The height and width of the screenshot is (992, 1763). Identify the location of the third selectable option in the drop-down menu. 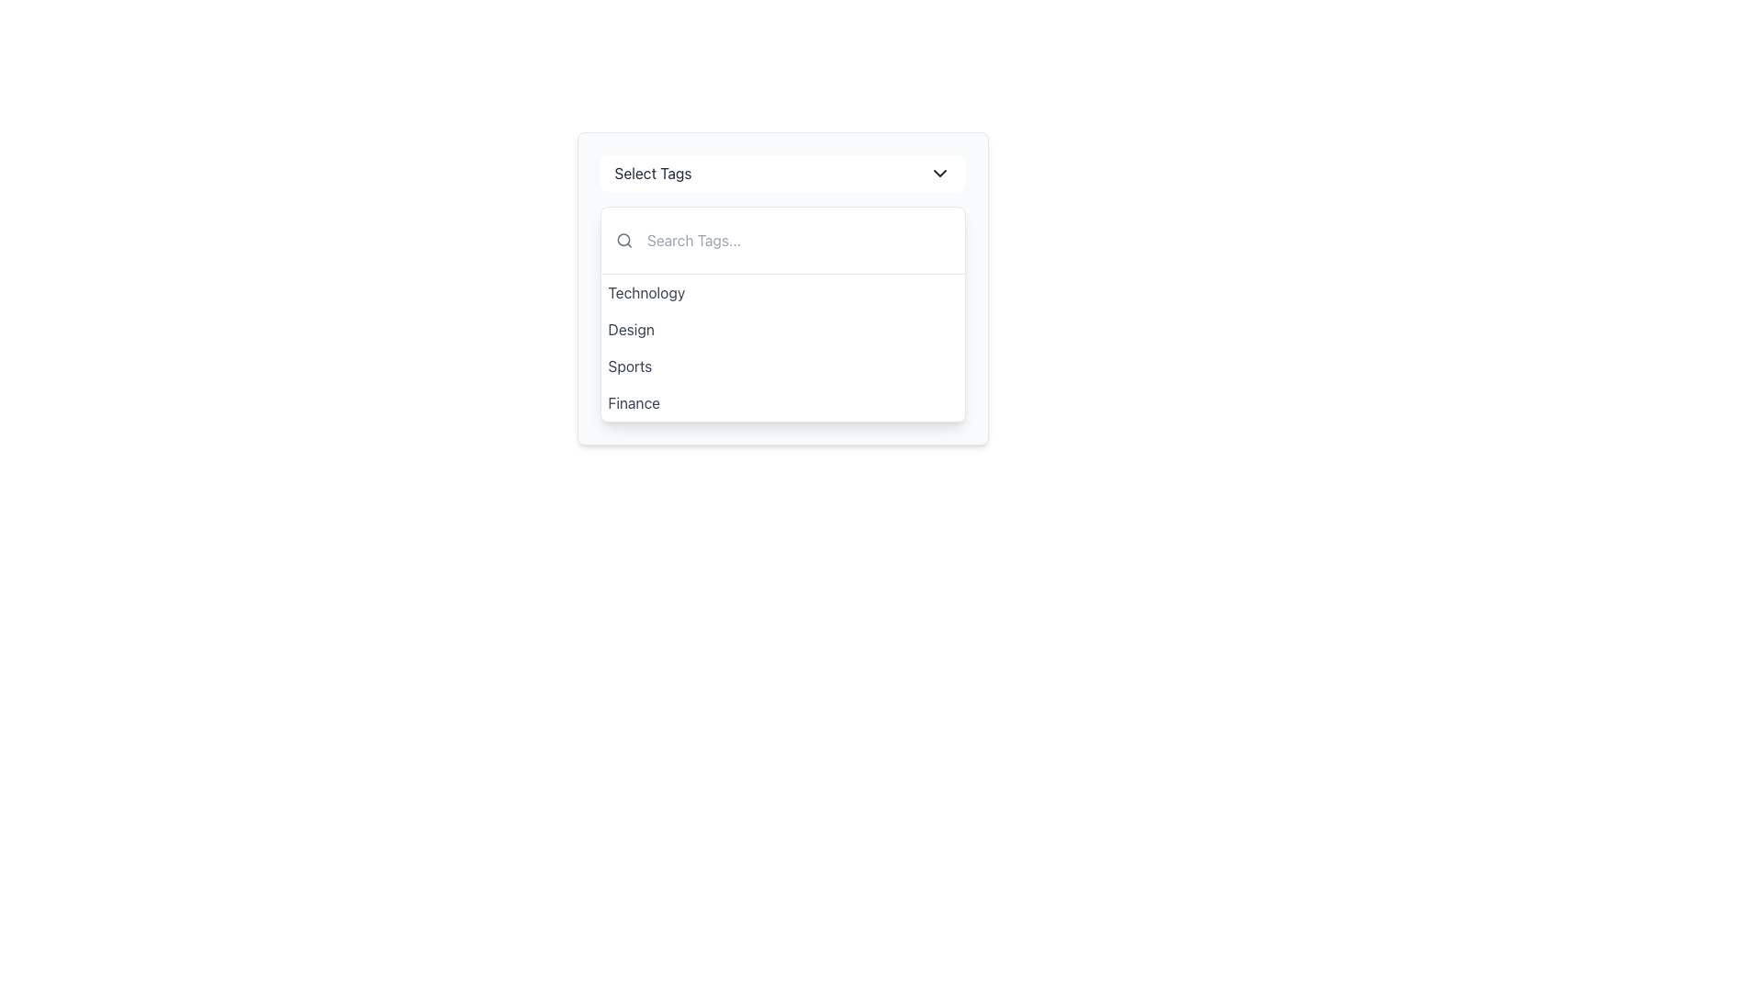
(782, 366).